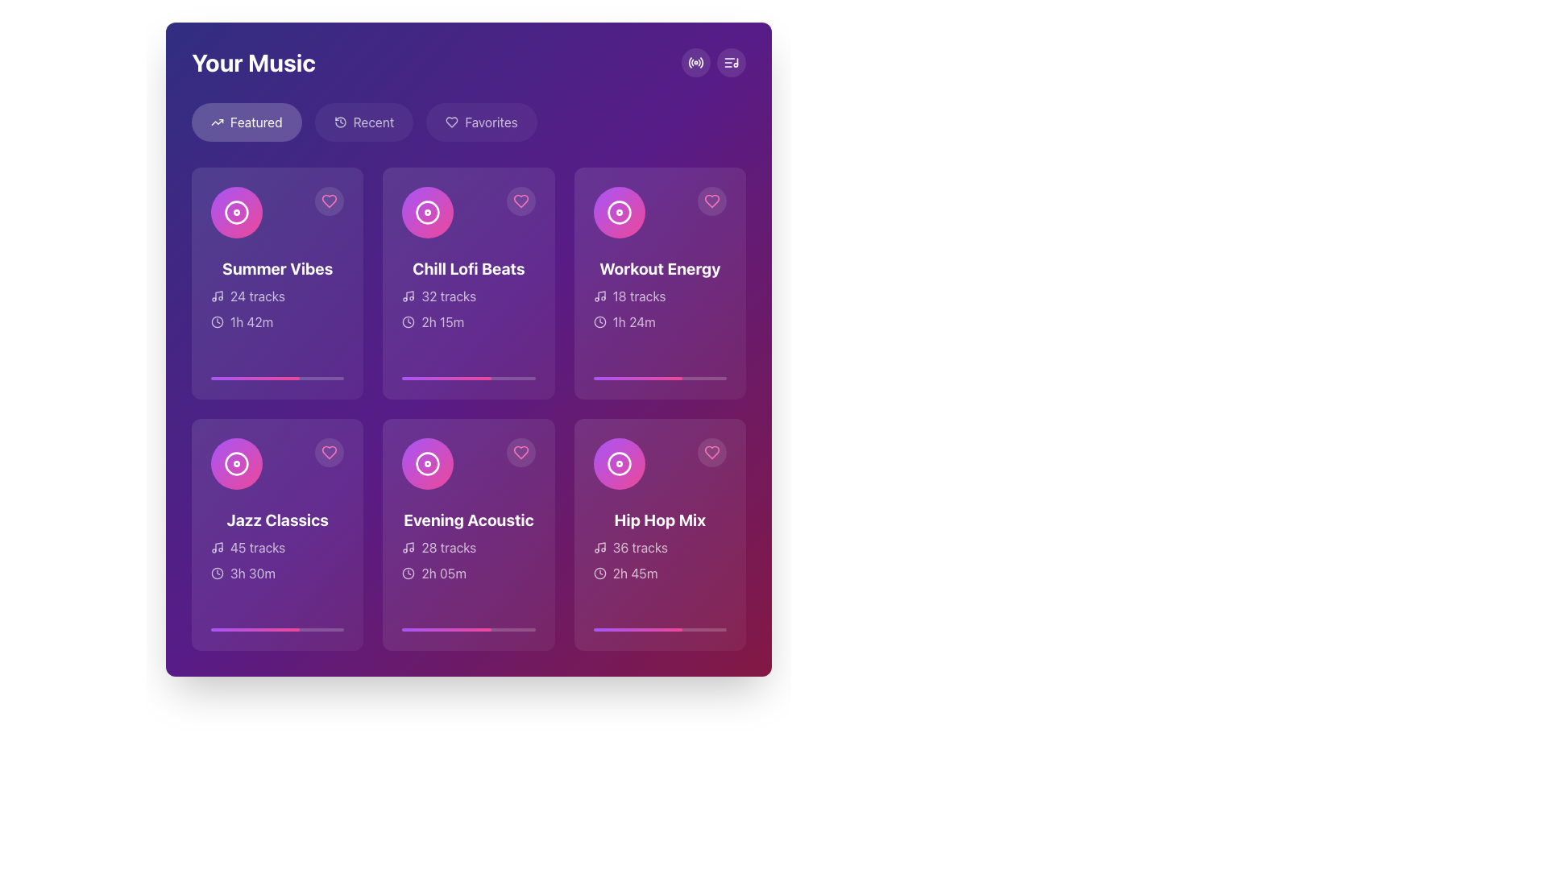 The height and width of the screenshot is (870, 1547). Describe the element at coordinates (428, 463) in the screenshot. I see `the graphical music disc icon representing the 'Evening Acoustic' album cover` at that location.